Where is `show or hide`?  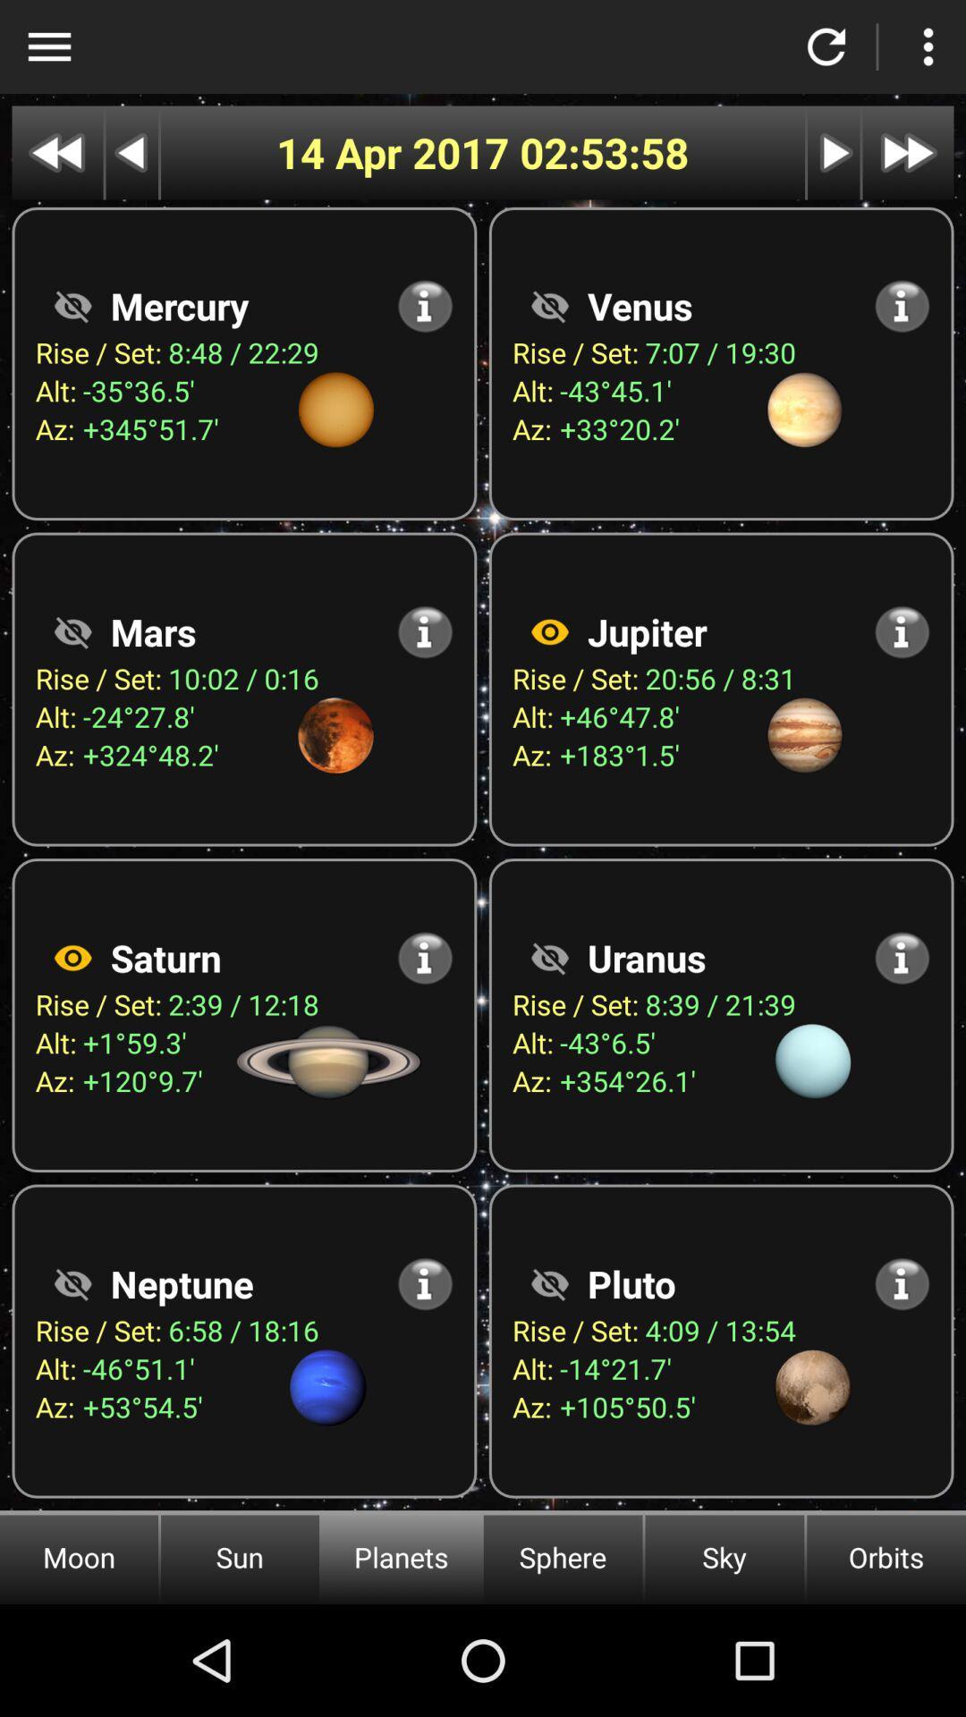
show or hide is located at coordinates (548, 957).